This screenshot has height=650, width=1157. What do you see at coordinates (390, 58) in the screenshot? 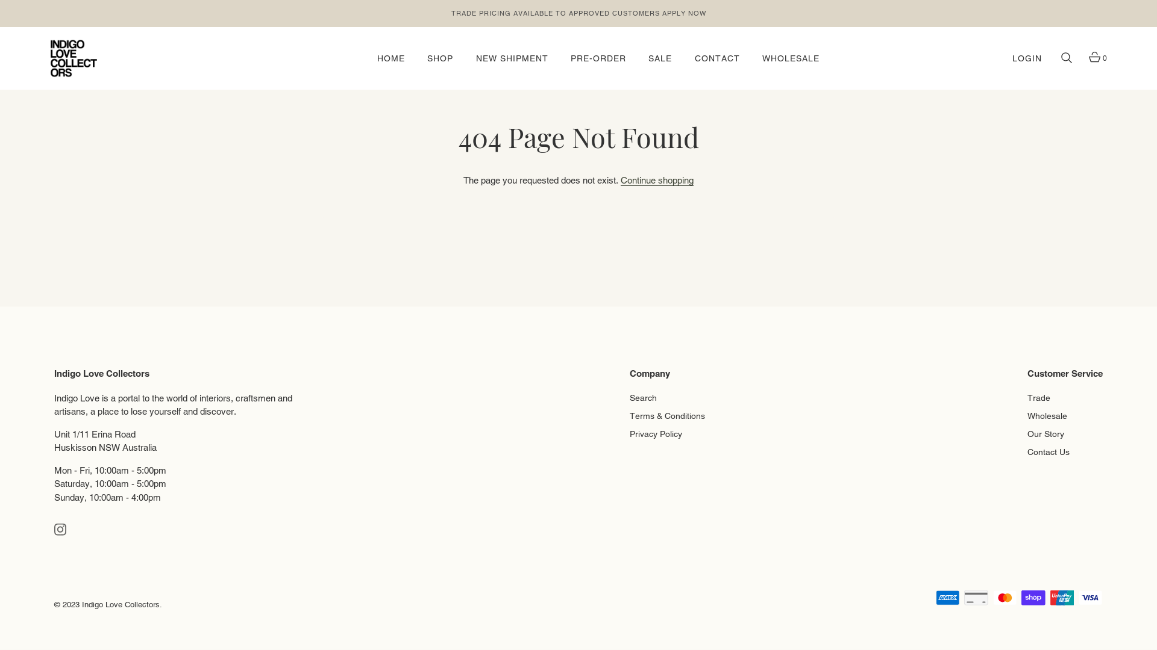
I see `'HOME'` at bounding box center [390, 58].